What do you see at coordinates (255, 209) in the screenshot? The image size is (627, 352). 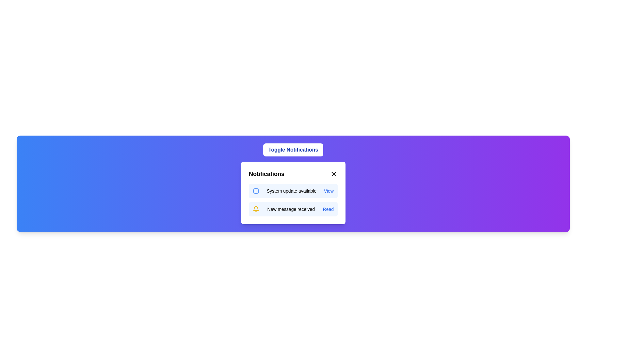 I see `the icon that indicates a new message in the second row of the notifications list, positioned to the left of the text 'New message received'` at bounding box center [255, 209].